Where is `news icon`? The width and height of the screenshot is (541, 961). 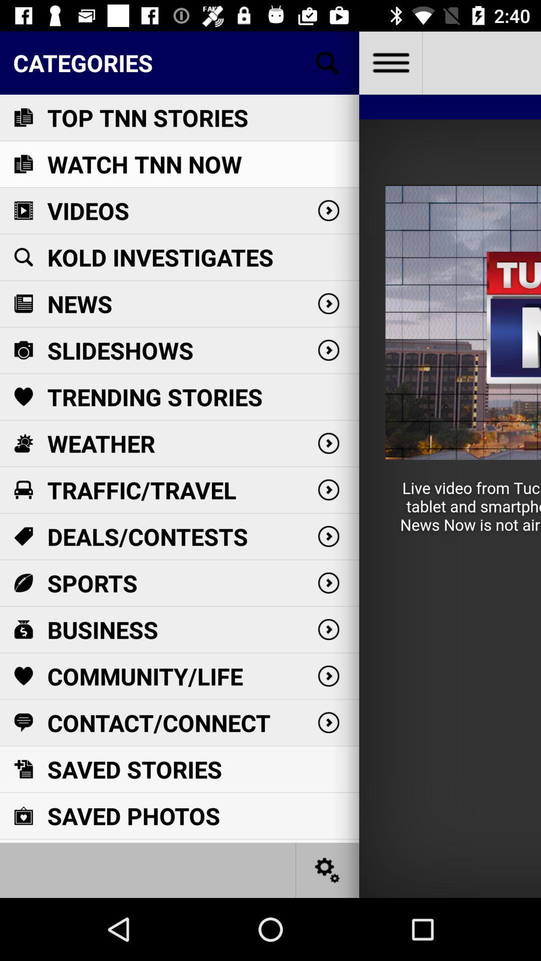
news icon is located at coordinates (23, 303).